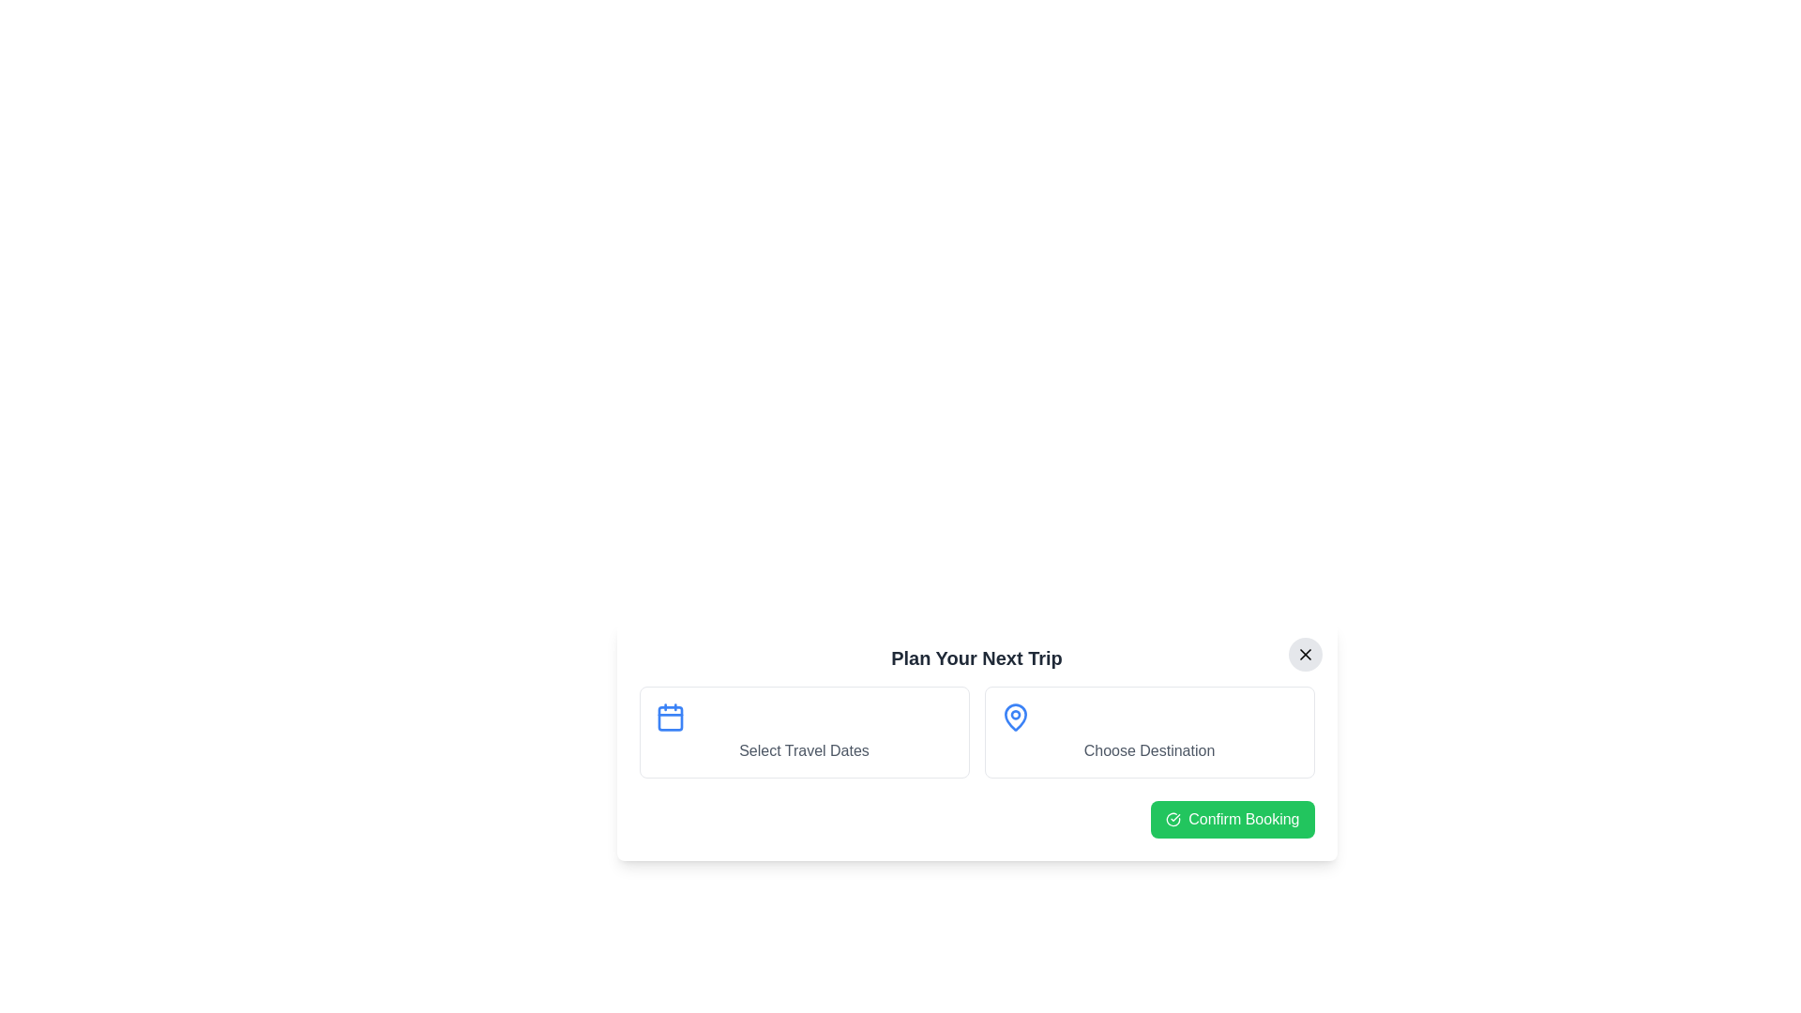 This screenshot has height=1013, width=1801. What do you see at coordinates (1233, 819) in the screenshot?
I see `the 'Confirm Booking' button to confirm the booking` at bounding box center [1233, 819].